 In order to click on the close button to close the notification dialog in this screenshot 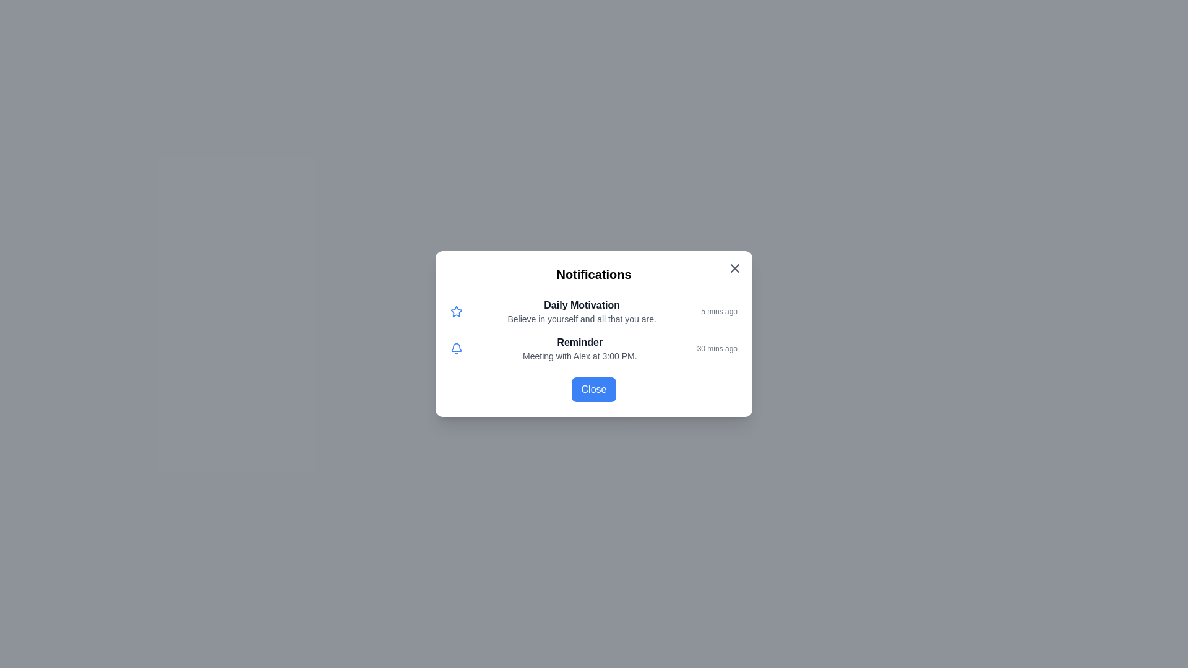, I will do `click(735, 268)`.